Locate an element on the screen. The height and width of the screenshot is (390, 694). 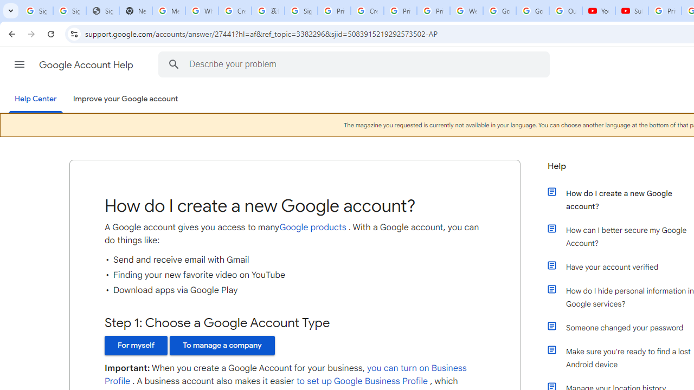
'Subscriptions - YouTube' is located at coordinates (632, 11).